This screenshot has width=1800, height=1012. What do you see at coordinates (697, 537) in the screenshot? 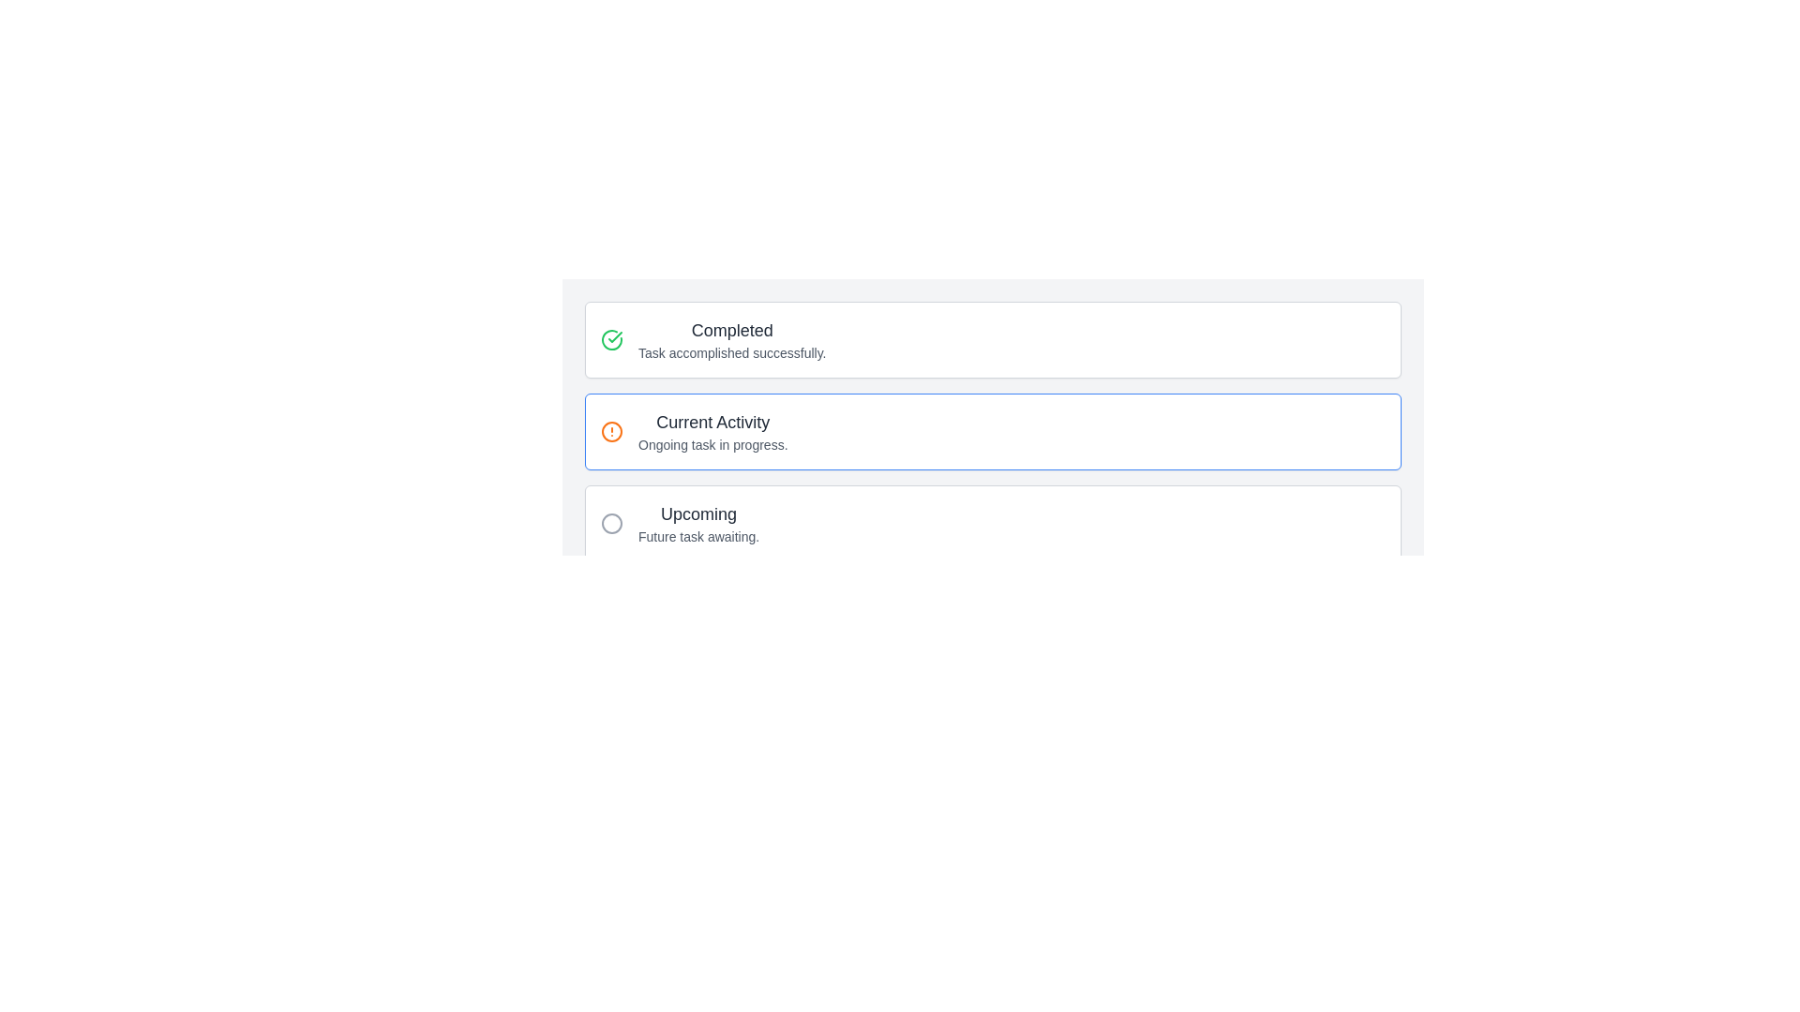
I see `the static text label 'Future task awaiting.' located below the 'Upcoming' section, which provides additional context for upcoming tasks` at bounding box center [697, 537].